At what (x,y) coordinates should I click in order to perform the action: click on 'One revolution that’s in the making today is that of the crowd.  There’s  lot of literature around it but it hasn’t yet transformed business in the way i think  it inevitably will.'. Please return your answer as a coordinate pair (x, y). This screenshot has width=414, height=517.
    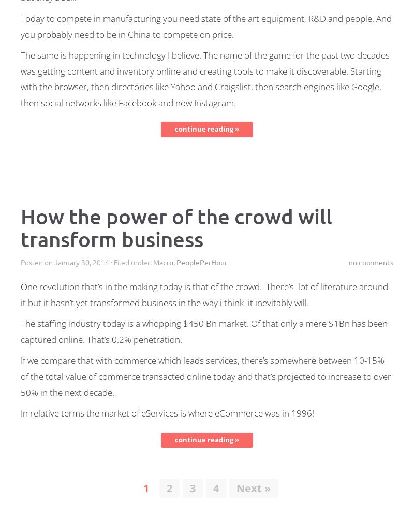
    Looking at the image, I should click on (204, 294).